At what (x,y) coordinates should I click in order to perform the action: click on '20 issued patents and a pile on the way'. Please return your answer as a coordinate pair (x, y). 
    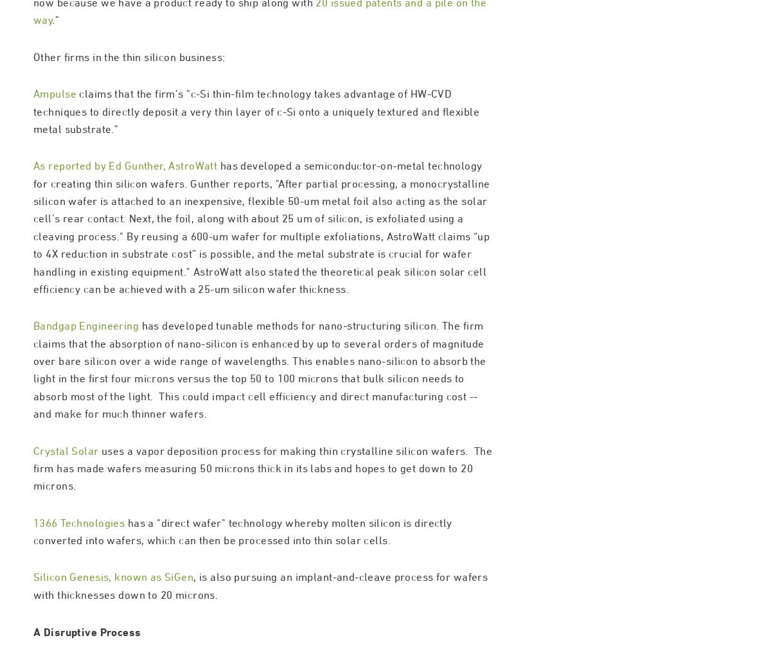
    Looking at the image, I should click on (260, 66).